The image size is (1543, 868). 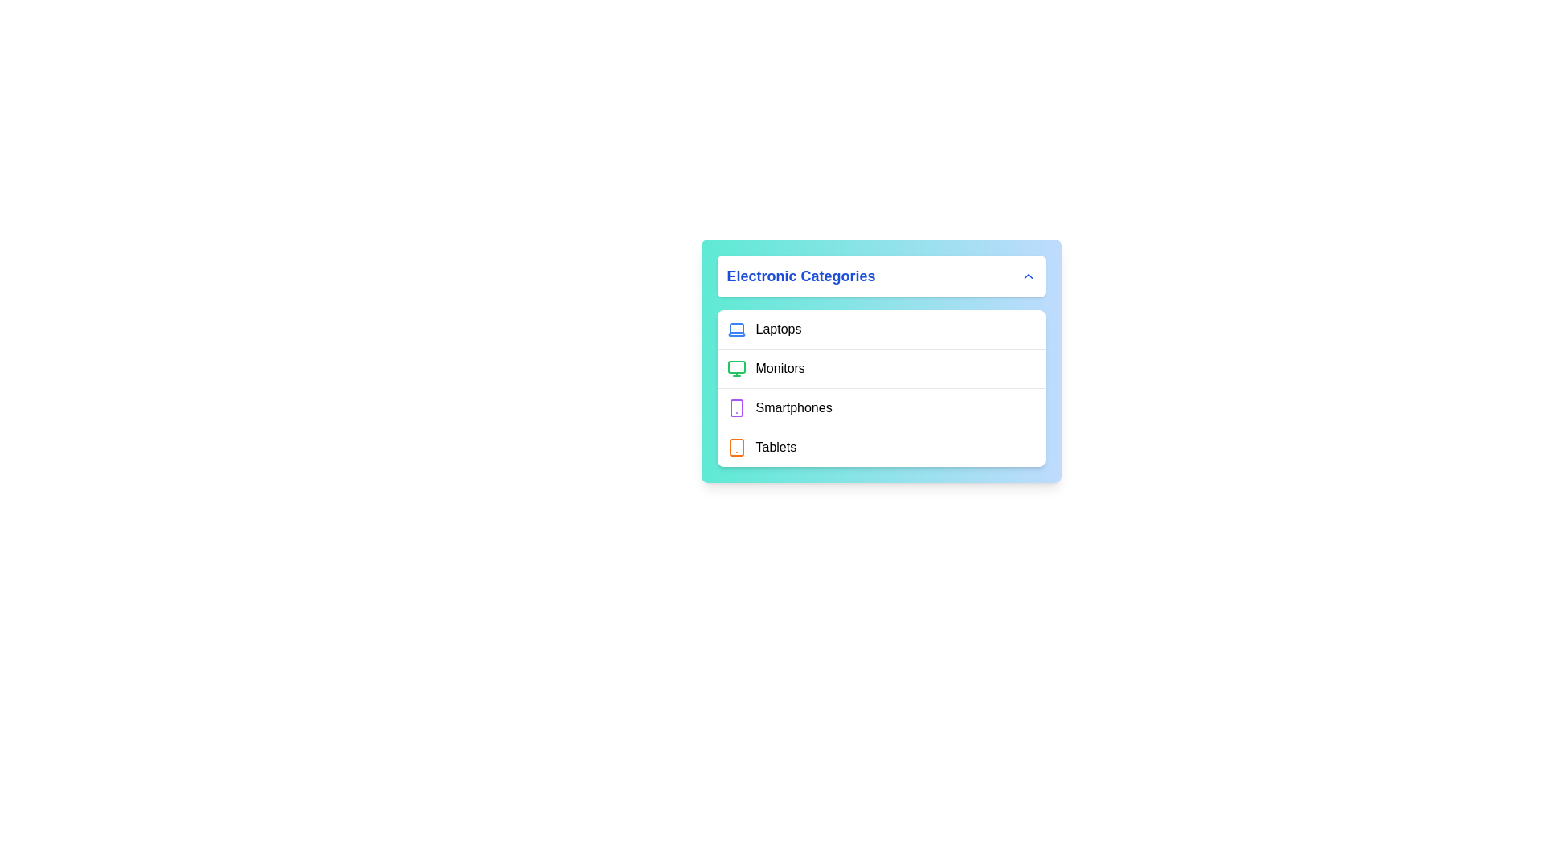 What do you see at coordinates (880, 407) in the screenshot?
I see `the 'Smartphones' category list item in the dropdown menu labeled 'Electronic Categories', which is the third option in the list` at bounding box center [880, 407].